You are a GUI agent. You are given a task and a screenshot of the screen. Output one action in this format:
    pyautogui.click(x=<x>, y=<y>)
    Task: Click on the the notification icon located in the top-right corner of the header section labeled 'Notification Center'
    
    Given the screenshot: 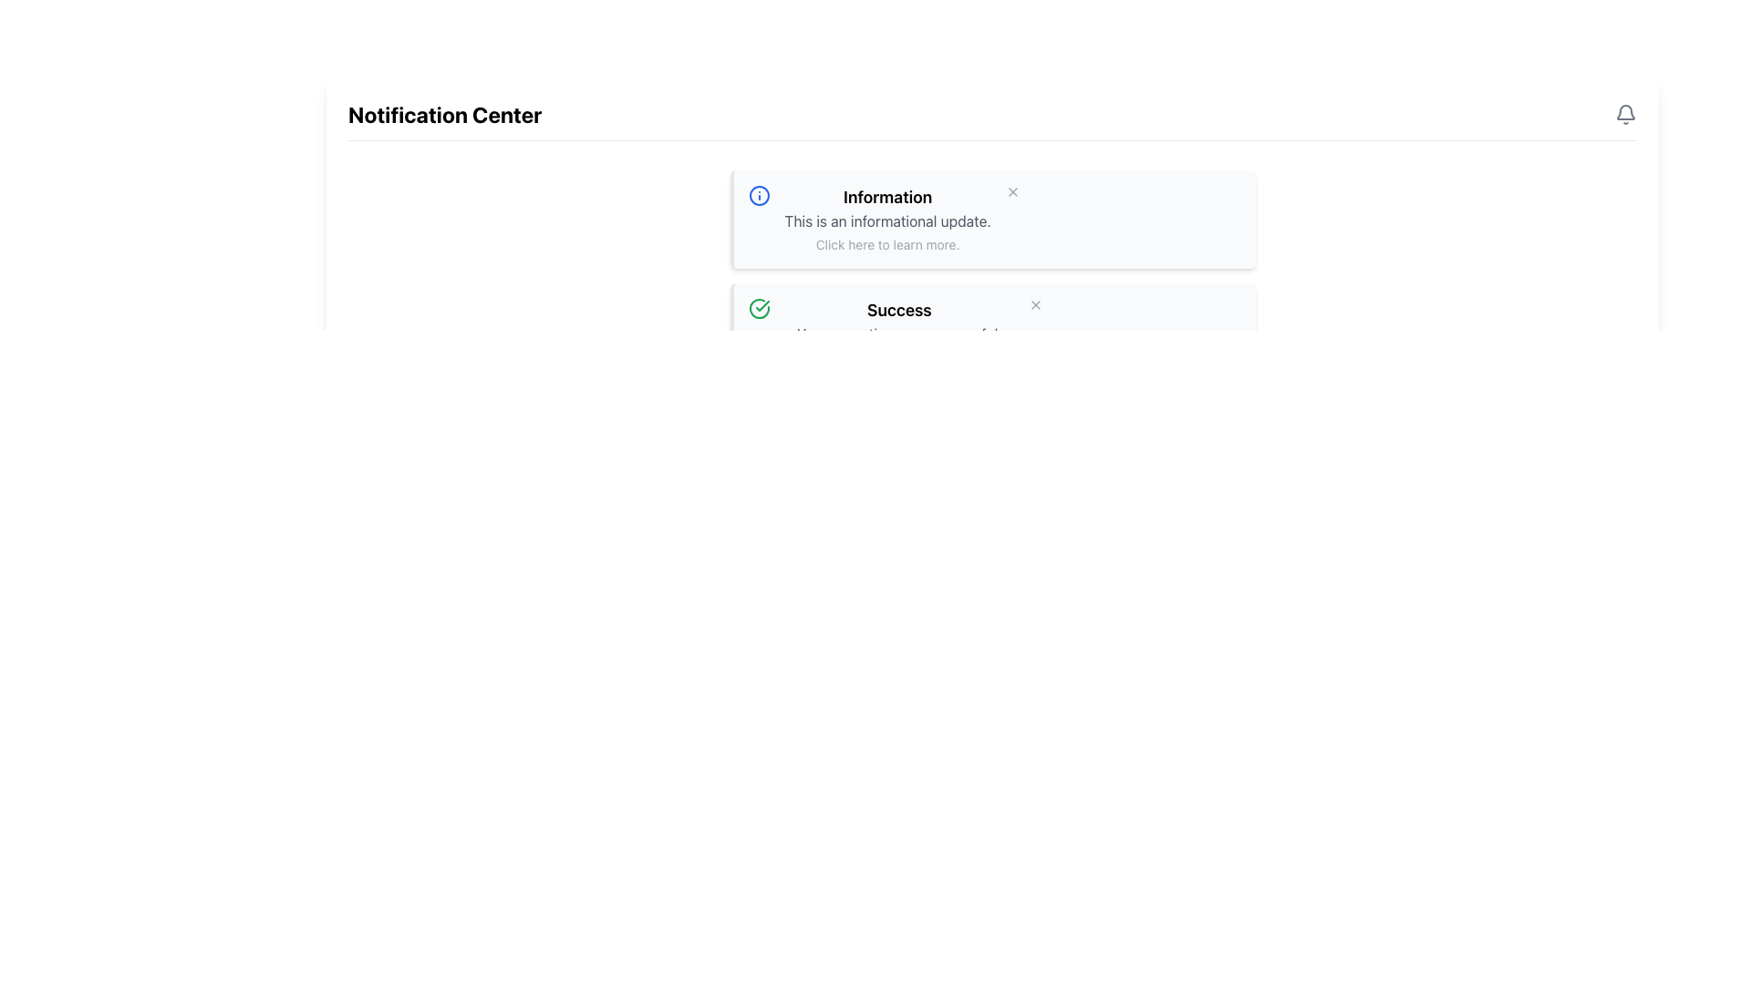 What is the action you would take?
    pyautogui.click(x=1625, y=115)
    